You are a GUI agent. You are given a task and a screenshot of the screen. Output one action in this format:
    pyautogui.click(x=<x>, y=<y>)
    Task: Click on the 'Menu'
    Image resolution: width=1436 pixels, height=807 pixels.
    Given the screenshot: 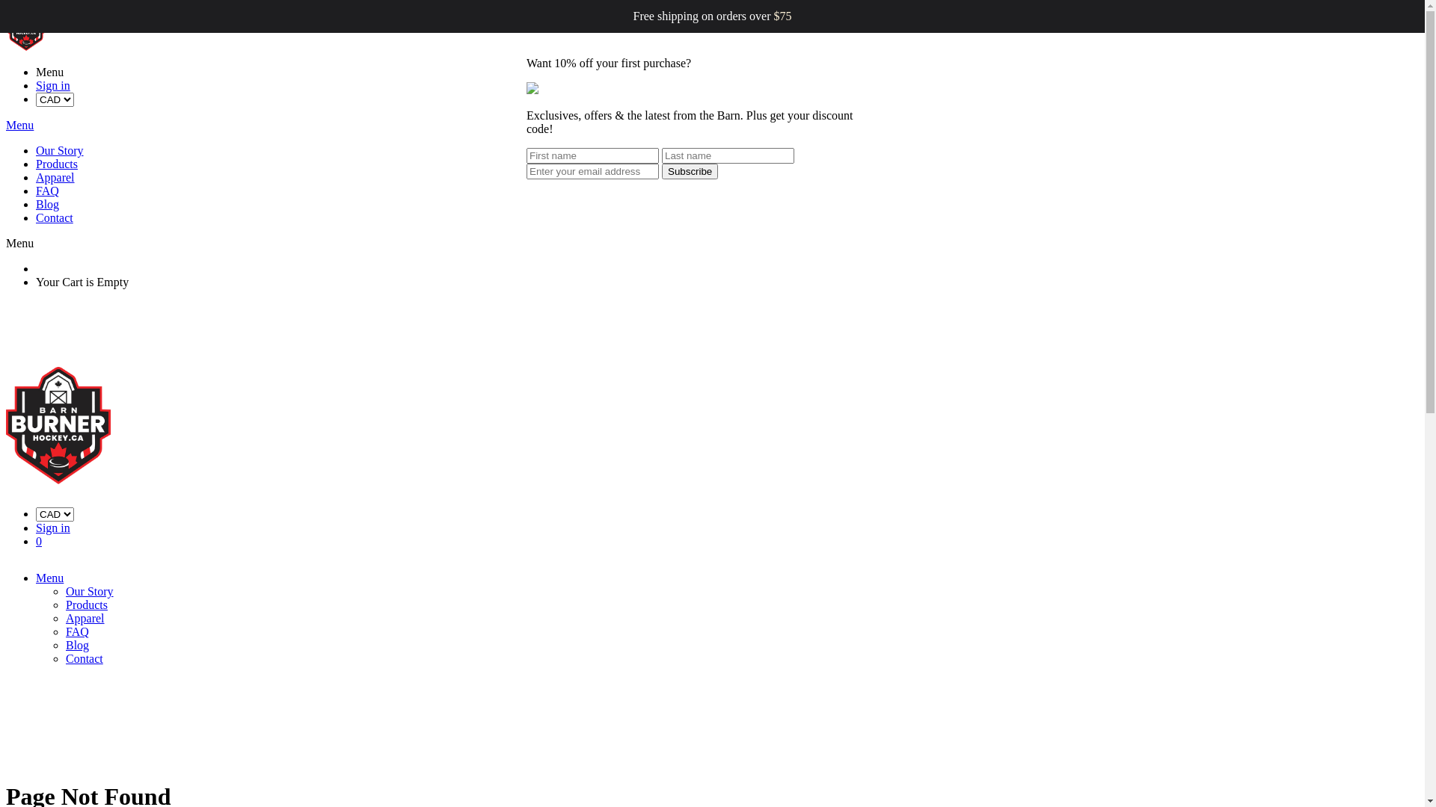 What is the action you would take?
    pyautogui.click(x=36, y=577)
    